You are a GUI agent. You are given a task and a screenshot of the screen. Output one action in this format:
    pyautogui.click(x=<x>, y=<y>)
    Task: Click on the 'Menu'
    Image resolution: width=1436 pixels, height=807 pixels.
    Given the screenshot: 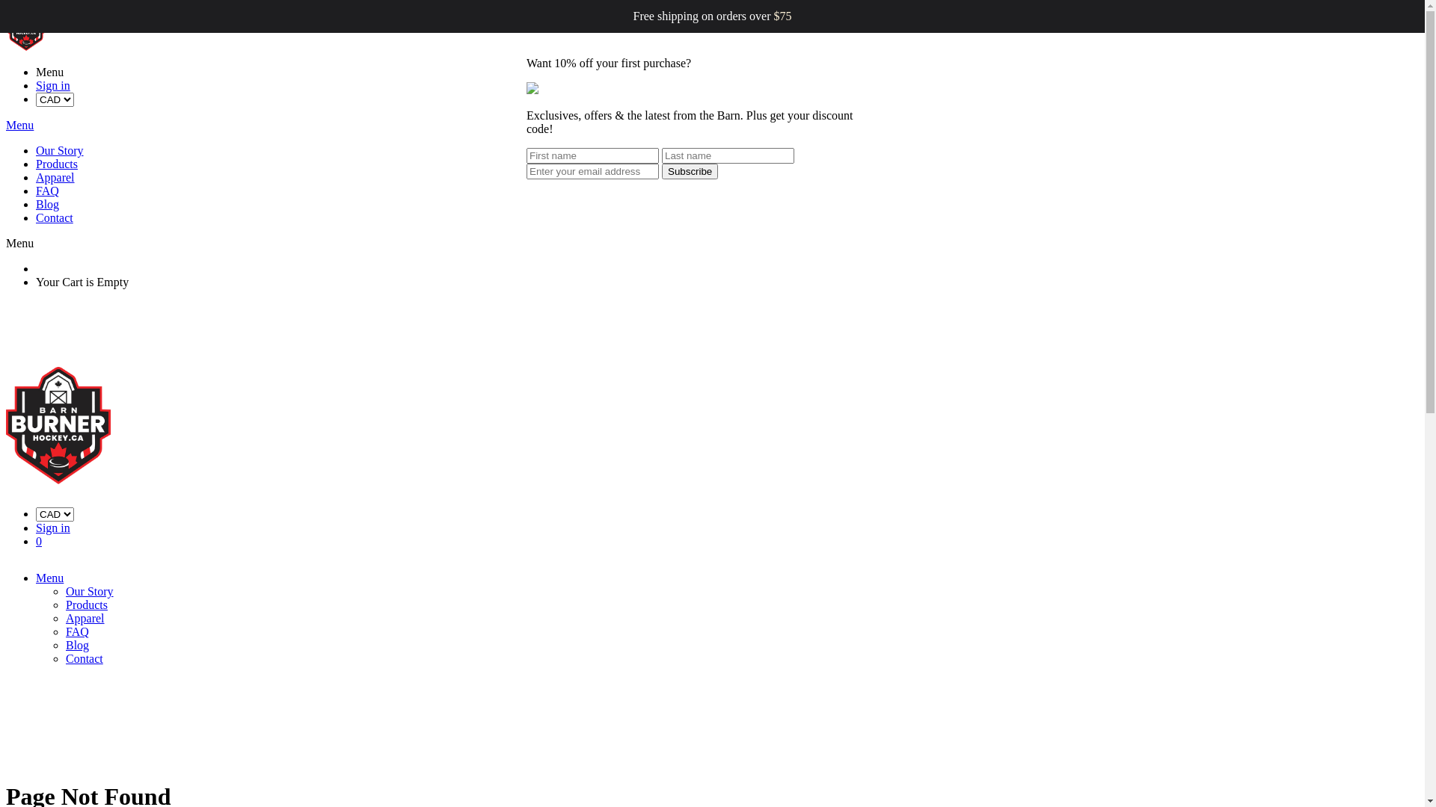 What is the action you would take?
    pyautogui.click(x=36, y=577)
    